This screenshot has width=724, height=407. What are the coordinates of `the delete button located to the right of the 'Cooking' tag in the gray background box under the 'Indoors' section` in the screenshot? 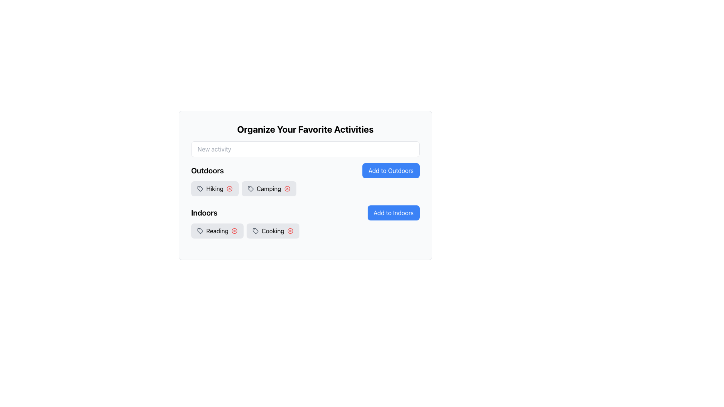 It's located at (290, 231).